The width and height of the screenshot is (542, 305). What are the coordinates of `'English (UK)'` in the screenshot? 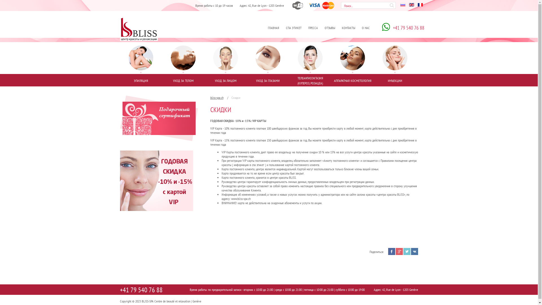 It's located at (411, 5).